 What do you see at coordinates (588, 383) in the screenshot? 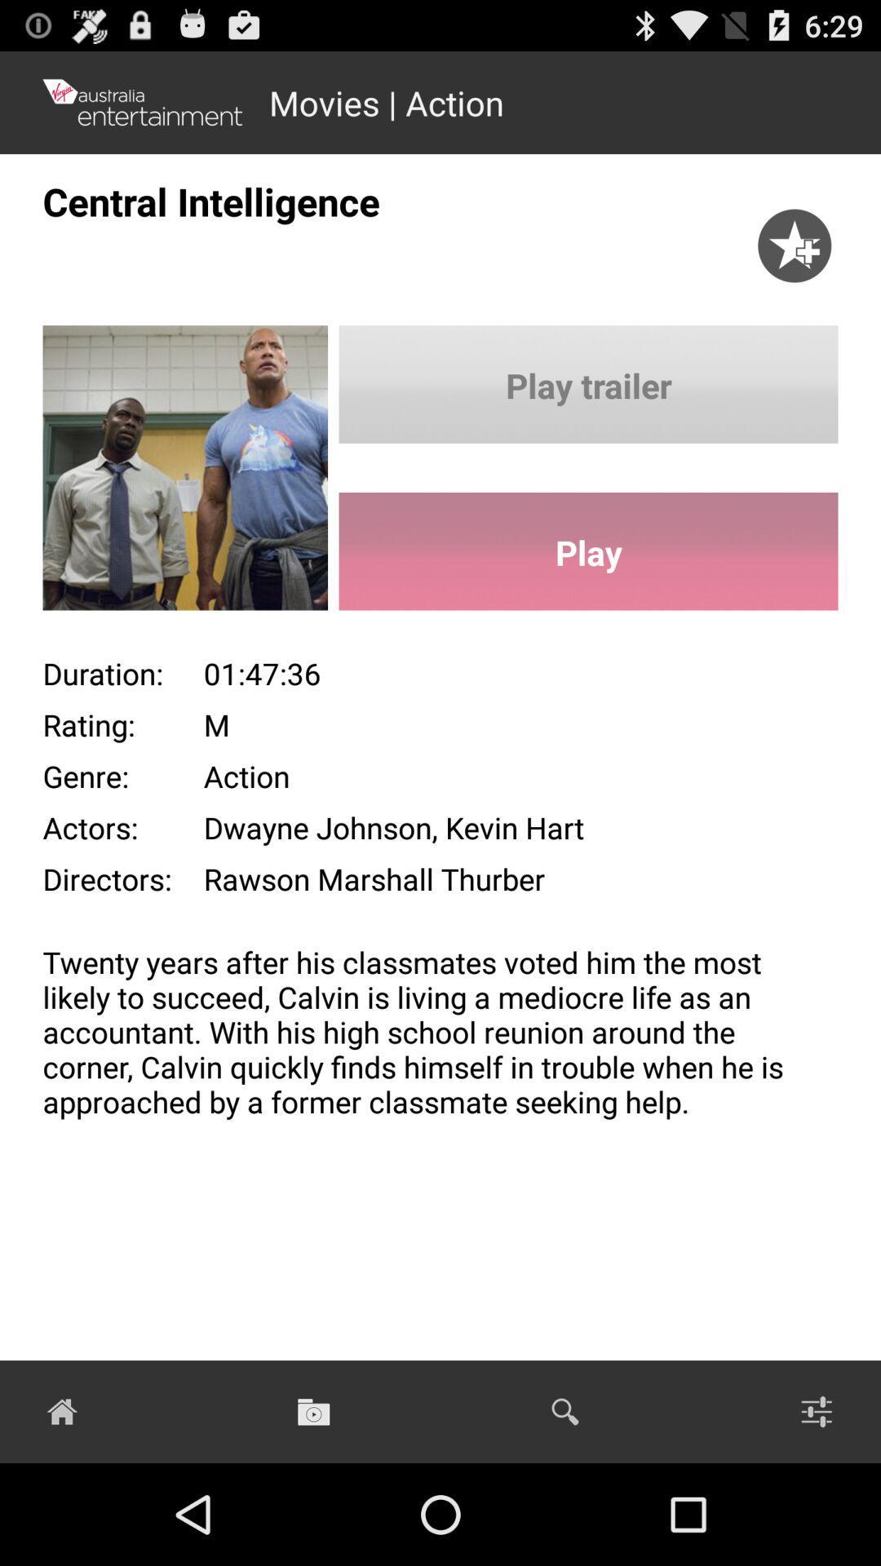
I see `play trailer icon` at bounding box center [588, 383].